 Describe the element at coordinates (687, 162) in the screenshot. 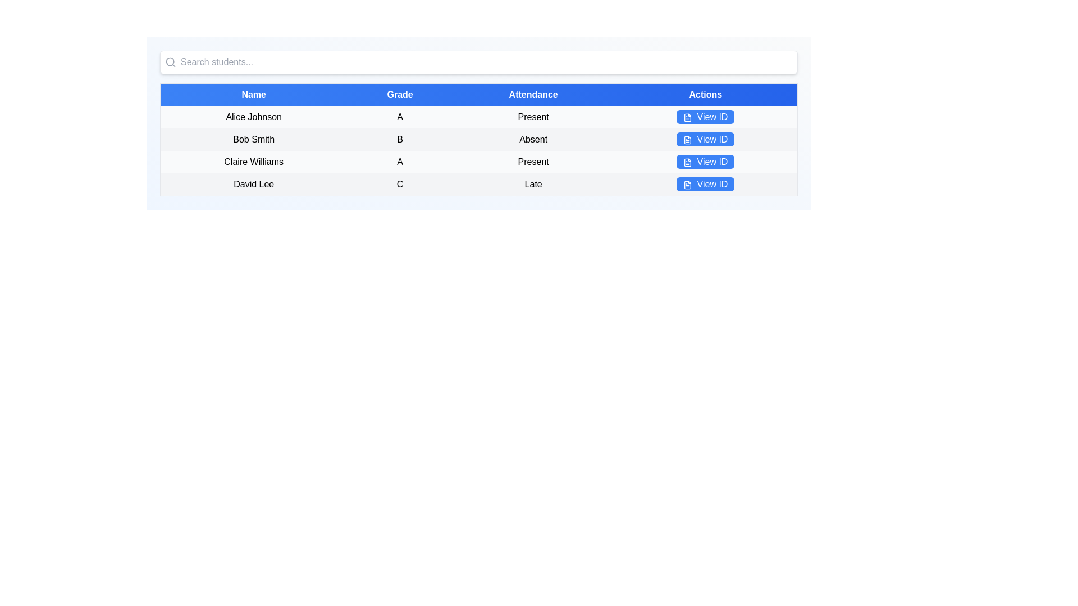

I see `the file document icon located in the 'Actions' column of the third row of the table` at that location.